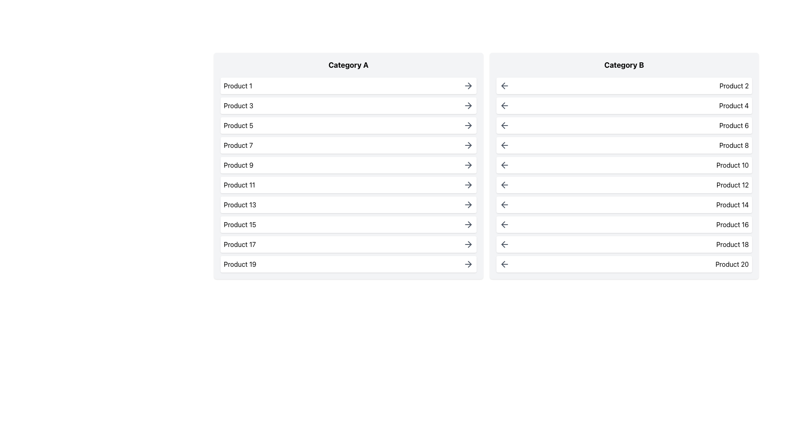 The image size is (793, 446). Describe the element at coordinates (503, 165) in the screenshot. I see `the leftward chevron icon located at the center of the control section in the GUI, which indicates navigation to the previous item or category` at that location.